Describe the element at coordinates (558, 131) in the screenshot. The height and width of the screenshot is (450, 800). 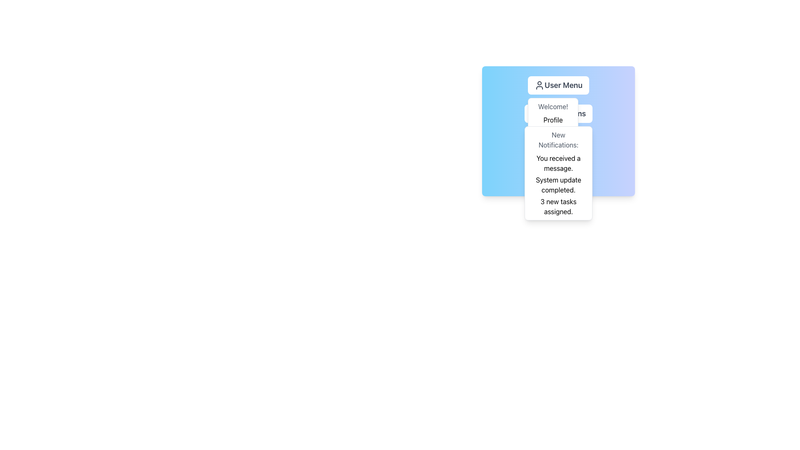
I see `the text within the Notification List located under the 'User Menu' title and above the 'Contact Support' buttons` at that location.